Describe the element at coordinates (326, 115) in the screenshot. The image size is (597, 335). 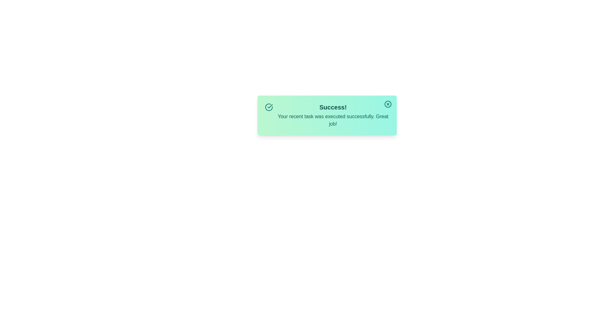
I see `the success message text displayed on the alert` at that location.